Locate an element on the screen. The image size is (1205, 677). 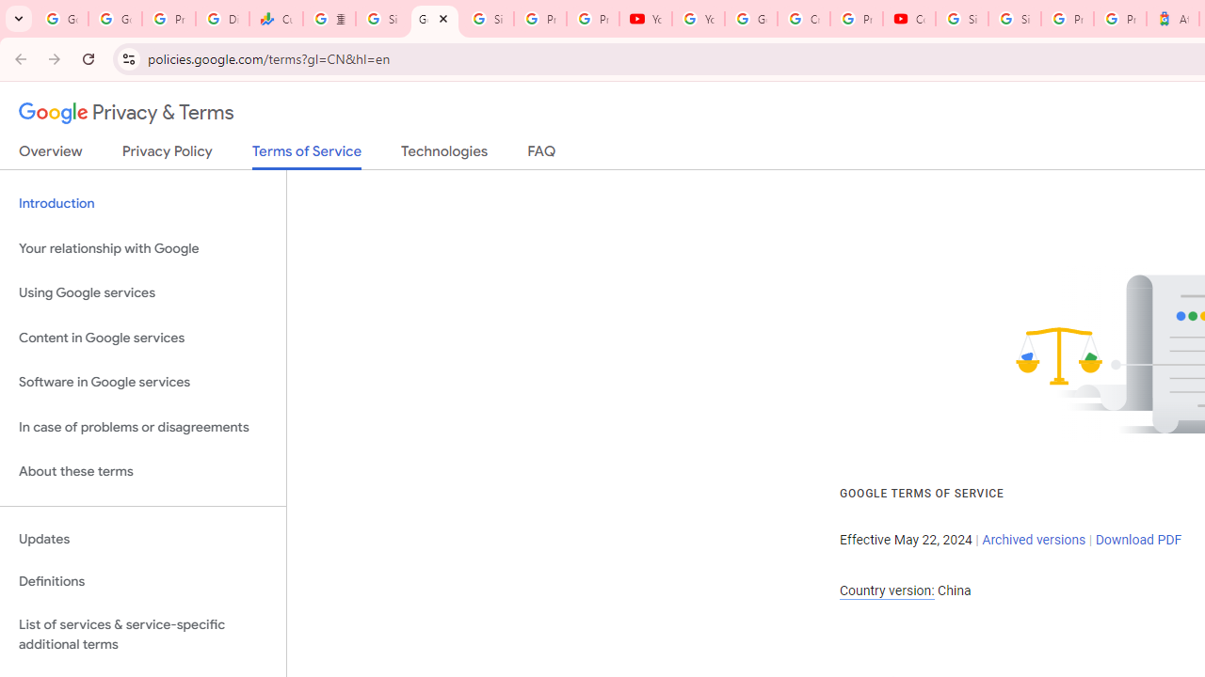
'YouTube' is located at coordinates (698, 19).